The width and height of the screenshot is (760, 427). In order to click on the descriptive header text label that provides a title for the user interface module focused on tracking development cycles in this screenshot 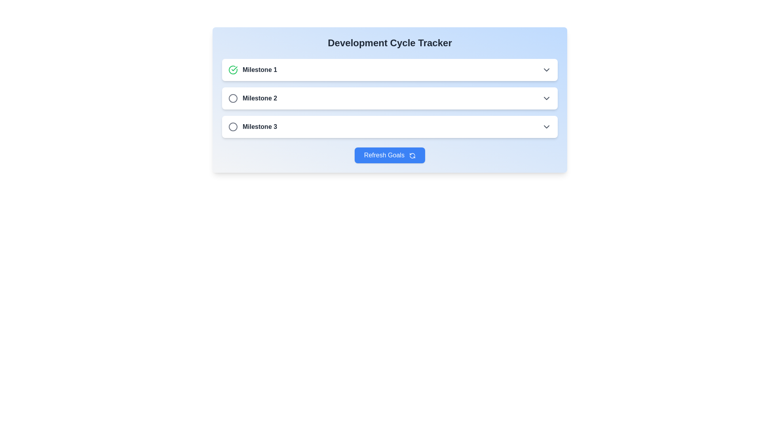, I will do `click(389, 43)`.